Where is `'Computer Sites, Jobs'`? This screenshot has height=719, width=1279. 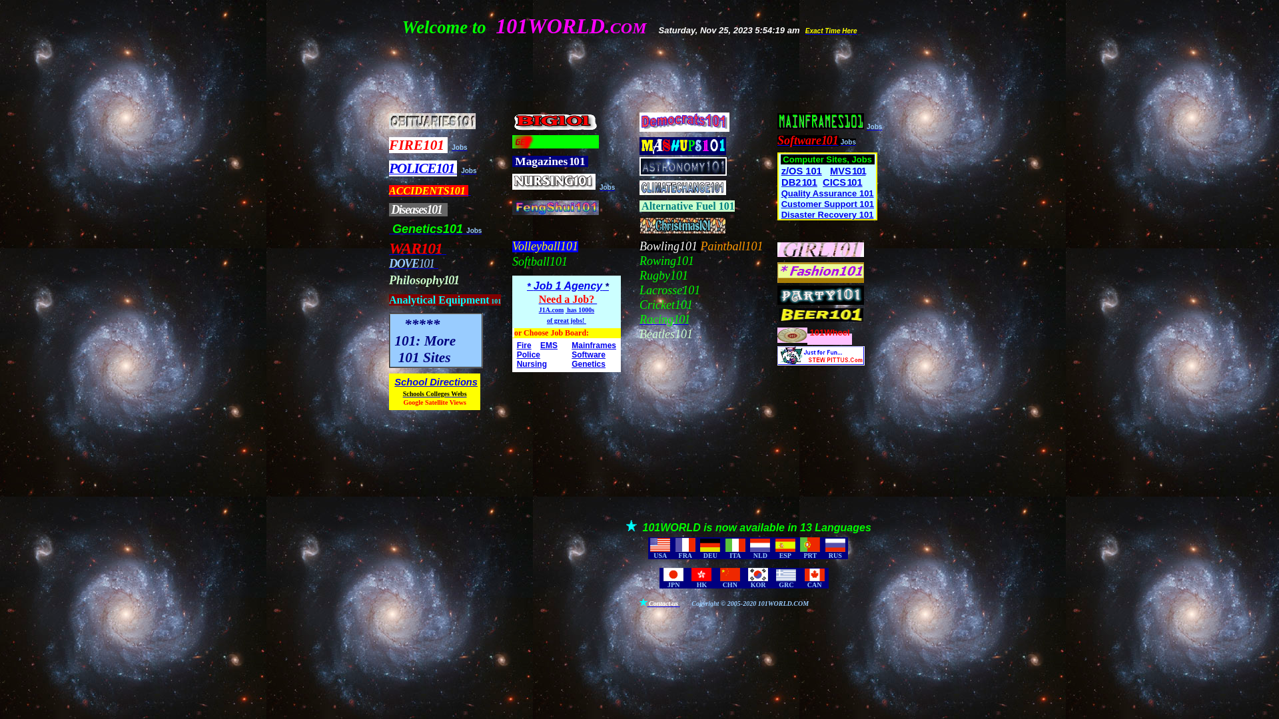
'Computer Sites, Jobs' is located at coordinates (827, 158).